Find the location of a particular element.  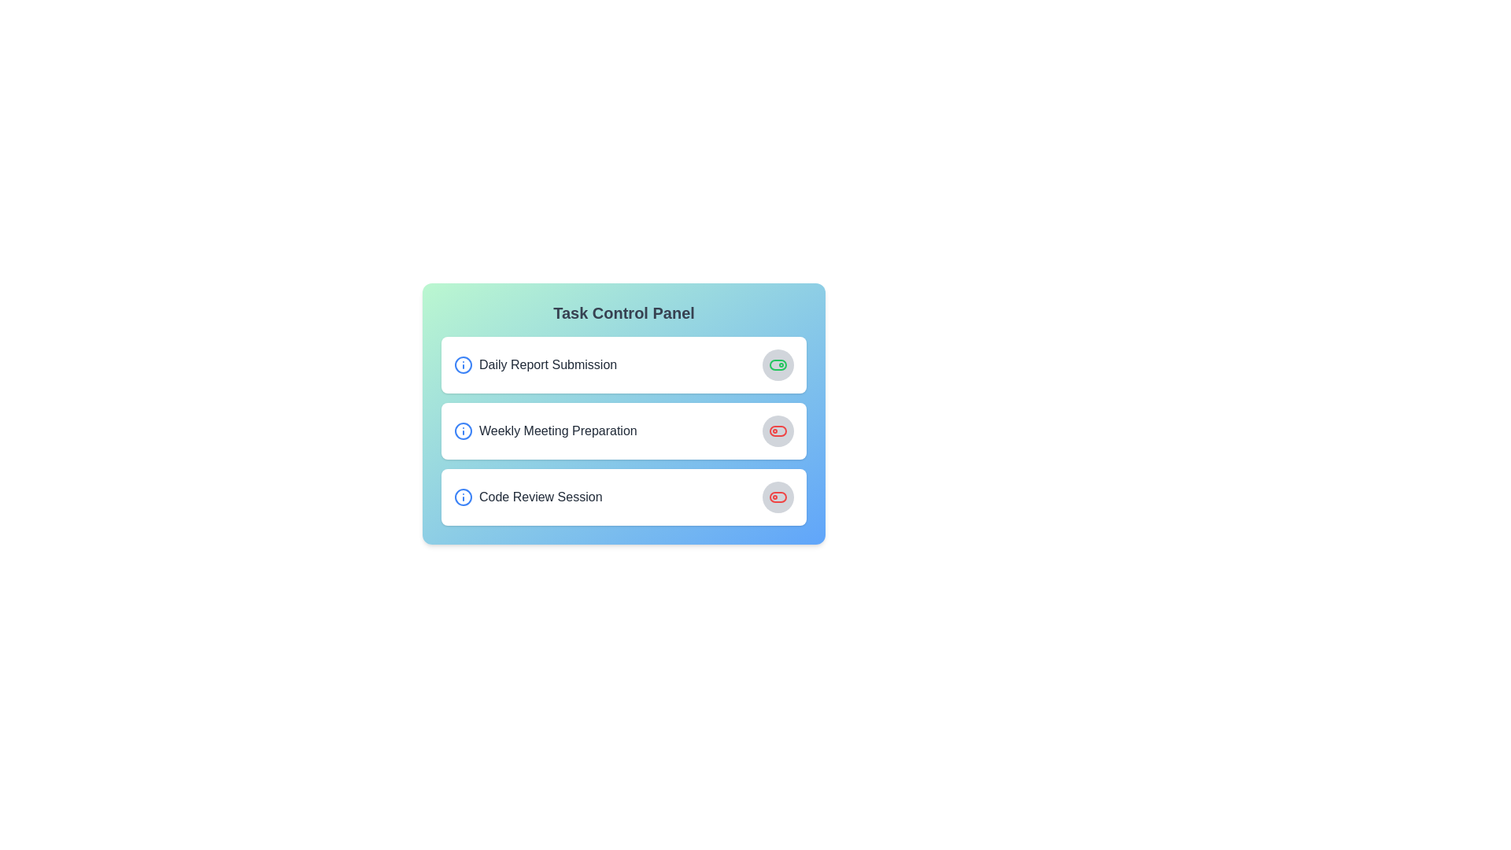

the circular toggle button with a gray background and a red toggle icon, located at the right edge of the 'Code Review Session' row to switch its state is located at coordinates (778, 497).